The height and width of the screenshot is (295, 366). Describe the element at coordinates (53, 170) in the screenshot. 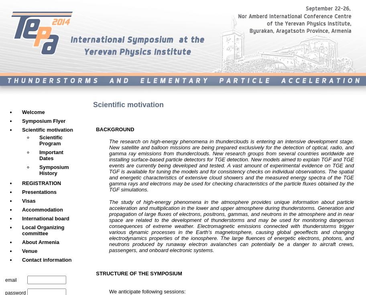

I see `'Symposium History'` at that location.